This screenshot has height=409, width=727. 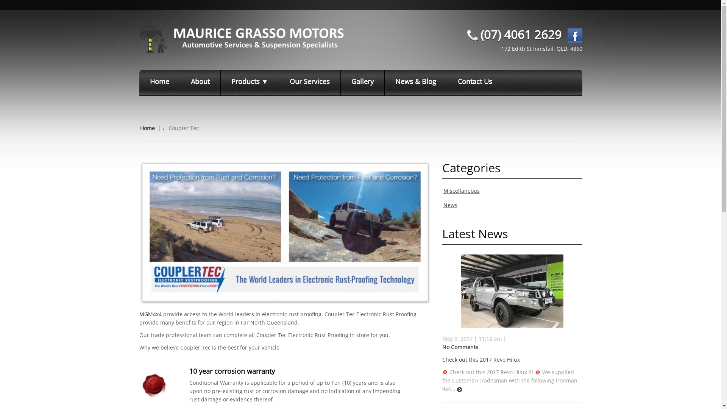 What do you see at coordinates (415, 83) in the screenshot?
I see `'News & Blog'` at bounding box center [415, 83].